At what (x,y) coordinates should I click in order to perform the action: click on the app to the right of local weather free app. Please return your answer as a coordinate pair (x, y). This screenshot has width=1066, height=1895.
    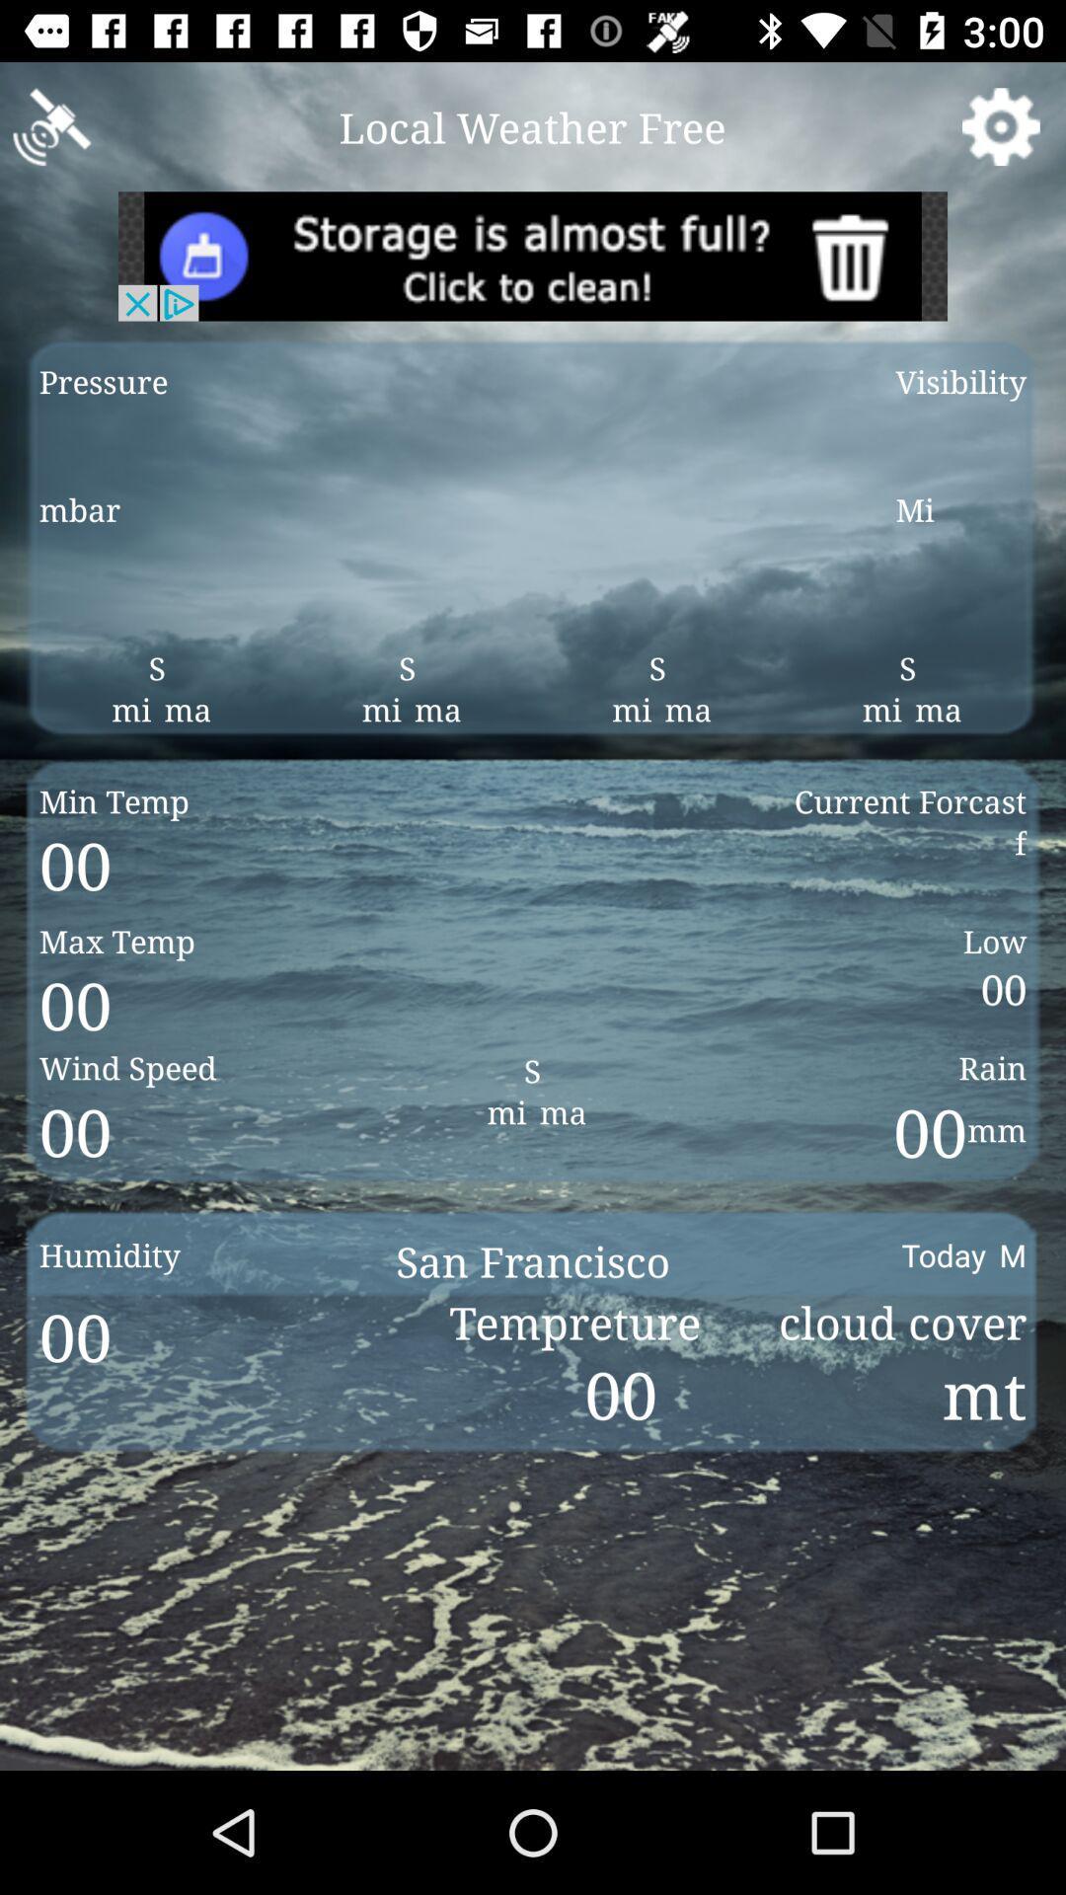
    Looking at the image, I should click on (1001, 125).